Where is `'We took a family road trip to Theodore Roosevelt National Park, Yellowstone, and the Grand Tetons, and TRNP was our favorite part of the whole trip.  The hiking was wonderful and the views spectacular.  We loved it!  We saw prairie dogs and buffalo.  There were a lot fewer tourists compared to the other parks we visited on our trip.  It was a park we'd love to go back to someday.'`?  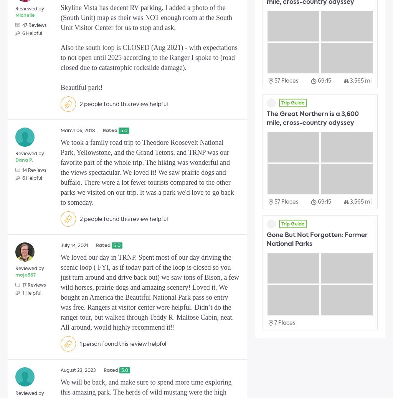
'We took a family road trip to Theodore Roosevelt National Park, Yellowstone, and the Grand Tetons, and TRNP was our favorite part of the whole trip.  The hiking was wonderful and the views spectacular.  We loved it!  We saw prairie dogs and buffalo.  There were a lot fewer tourists compared to the other parks we visited on our trip.  It was a park we'd love to go back to someday.' is located at coordinates (147, 172).